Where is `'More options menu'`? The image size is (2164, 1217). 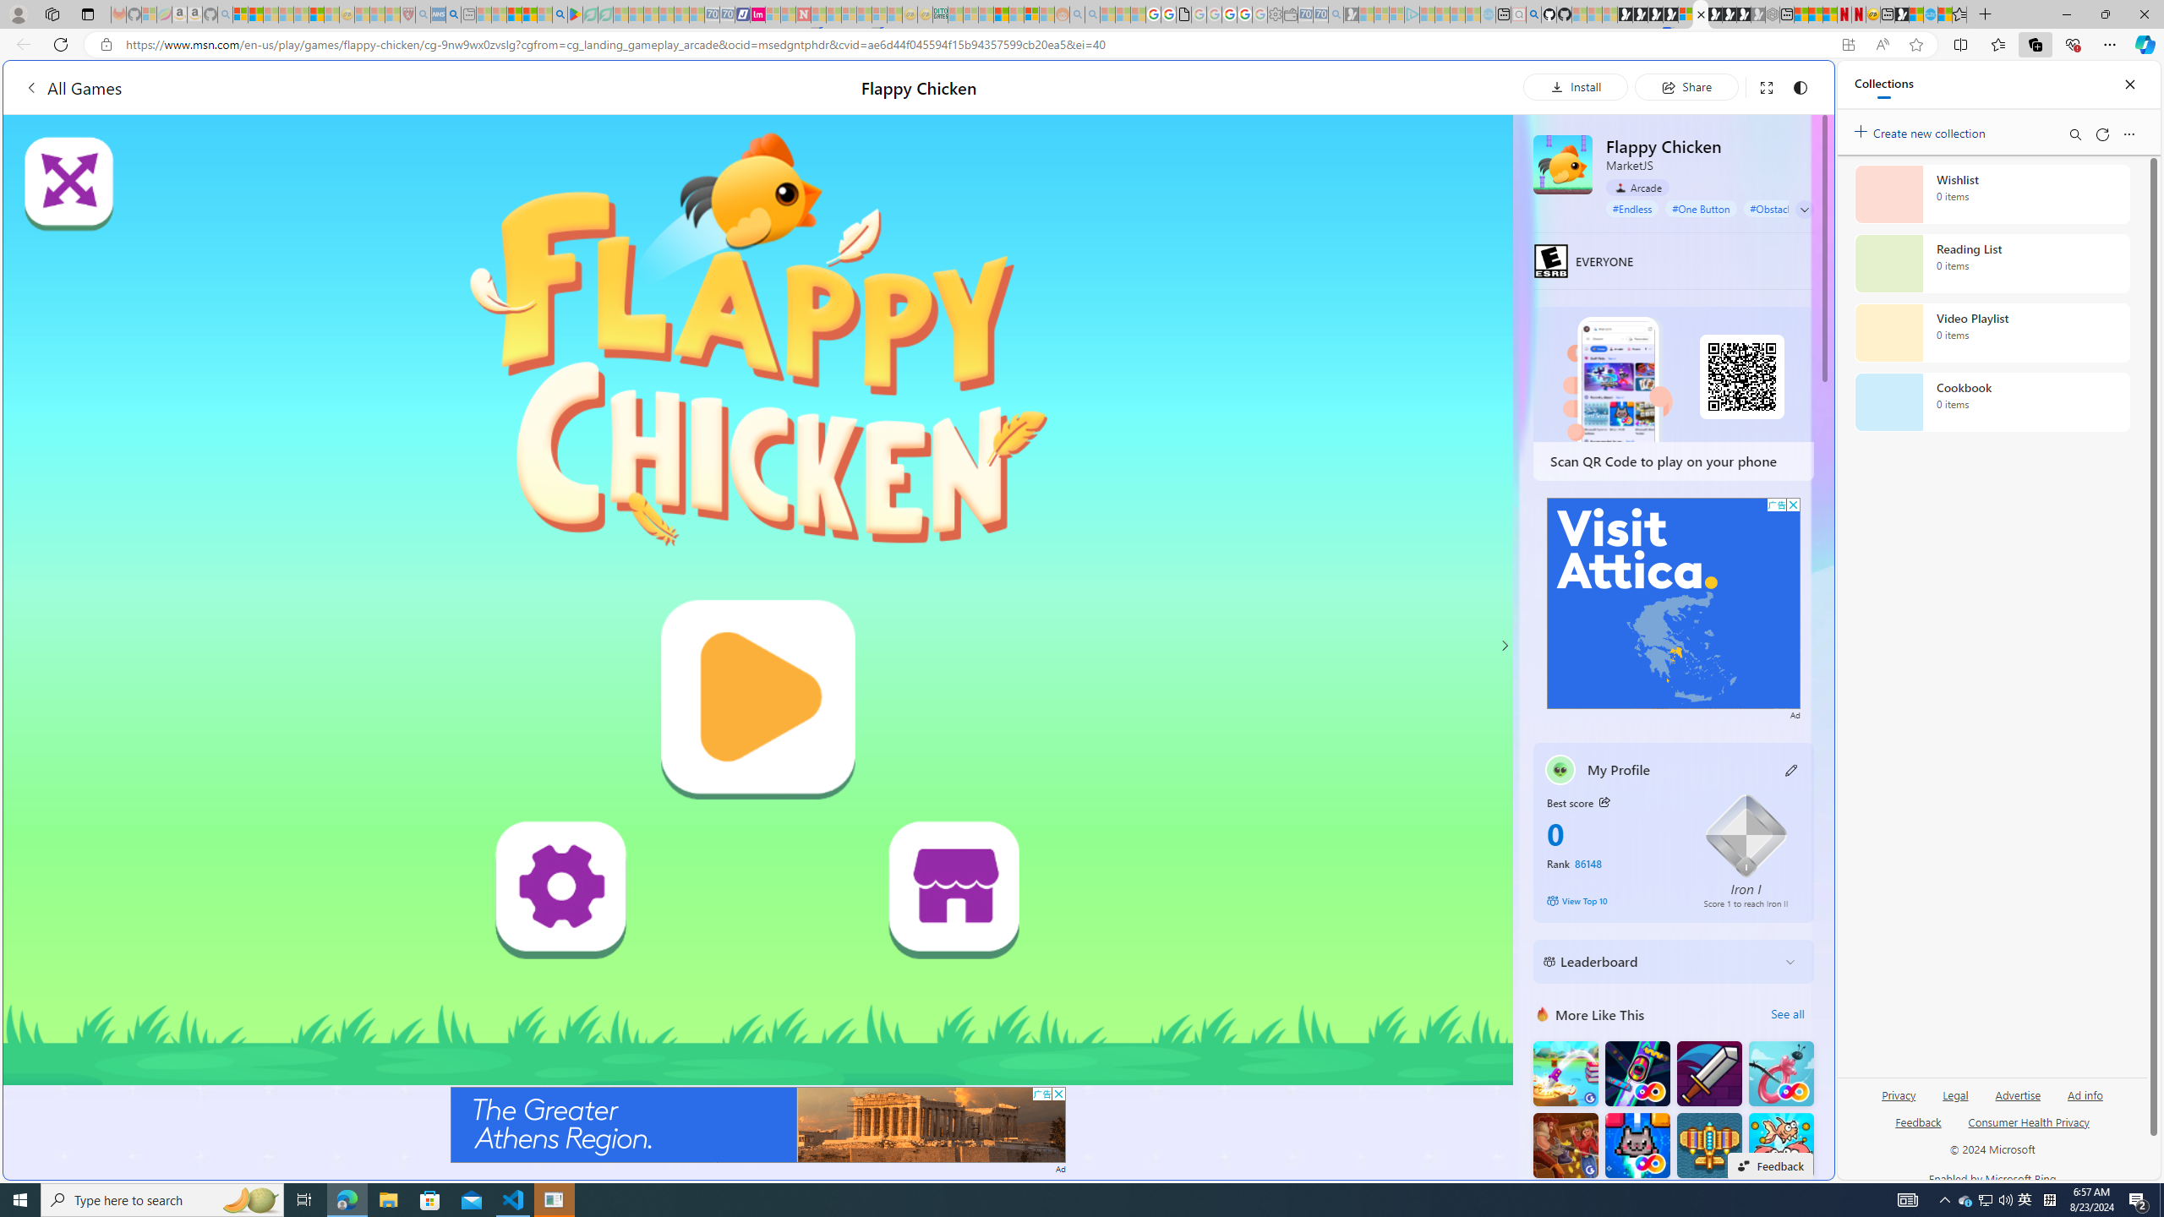 'More options menu' is located at coordinates (2129, 134).